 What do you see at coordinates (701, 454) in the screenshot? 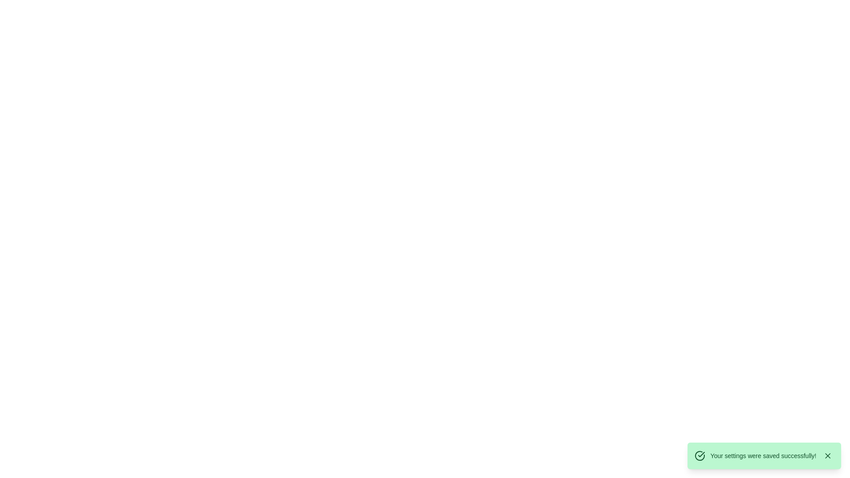
I see `the checkmark icon that indicates success or completion, which is centrally aligned within its circular badge on the right side of the interface` at bounding box center [701, 454].